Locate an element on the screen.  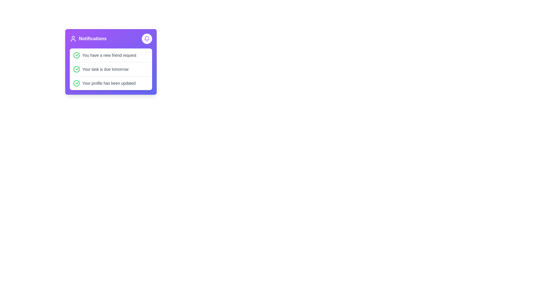
the purple bell-shaped icon located at the center of the rounded button in the top-right corner of the notification card is located at coordinates (147, 38).